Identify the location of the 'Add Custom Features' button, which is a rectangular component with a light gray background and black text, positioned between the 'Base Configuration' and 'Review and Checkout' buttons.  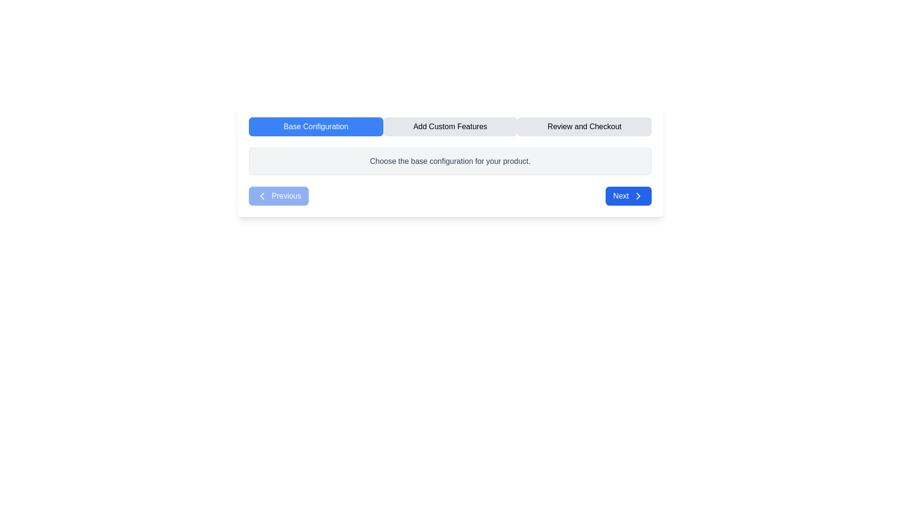
(450, 126).